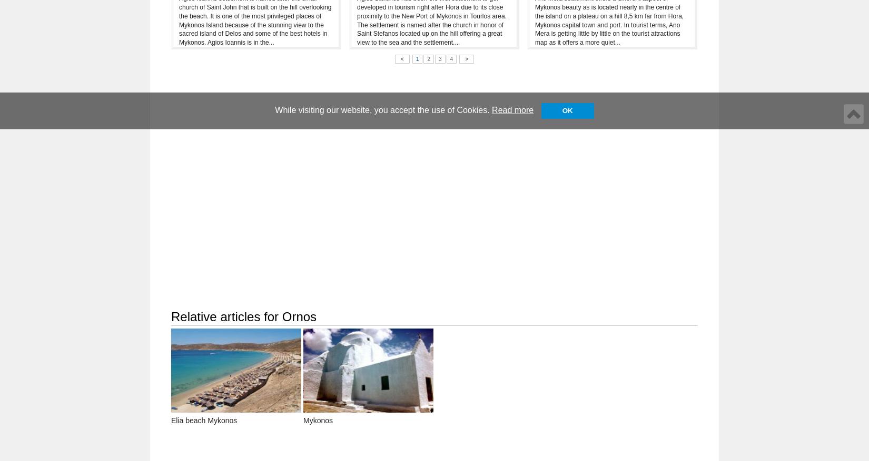 This screenshot has width=869, height=461. What do you see at coordinates (451, 58) in the screenshot?
I see `'4'` at bounding box center [451, 58].